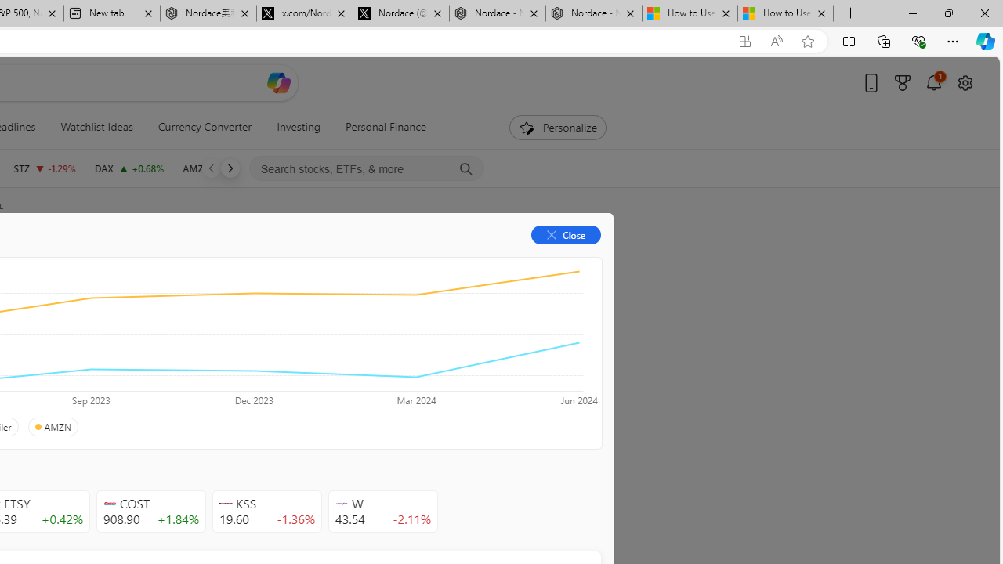 Image resolution: width=1003 pixels, height=564 pixels. What do you see at coordinates (884, 40) in the screenshot?
I see `'Collections'` at bounding box center [884, 40].